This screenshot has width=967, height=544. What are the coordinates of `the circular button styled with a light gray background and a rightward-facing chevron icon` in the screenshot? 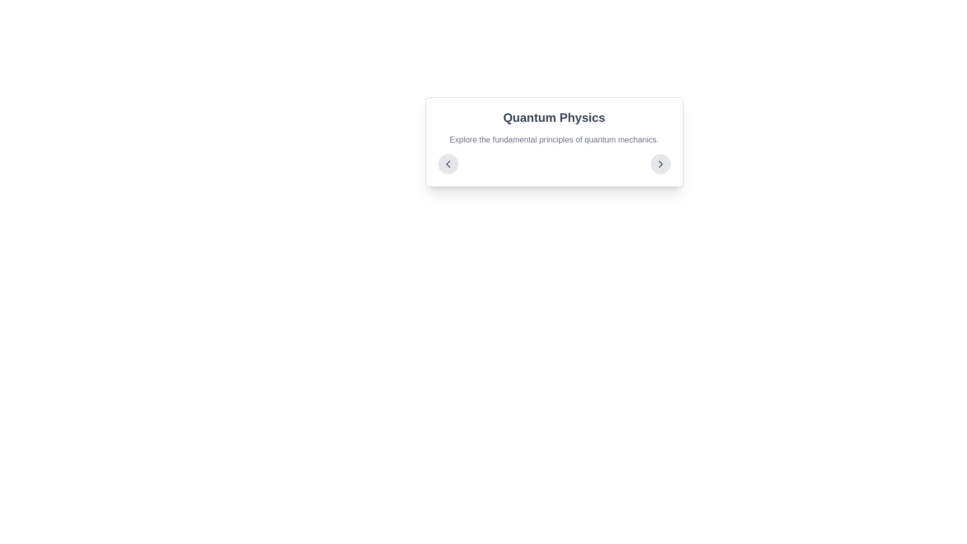 It's located at (660, 164).